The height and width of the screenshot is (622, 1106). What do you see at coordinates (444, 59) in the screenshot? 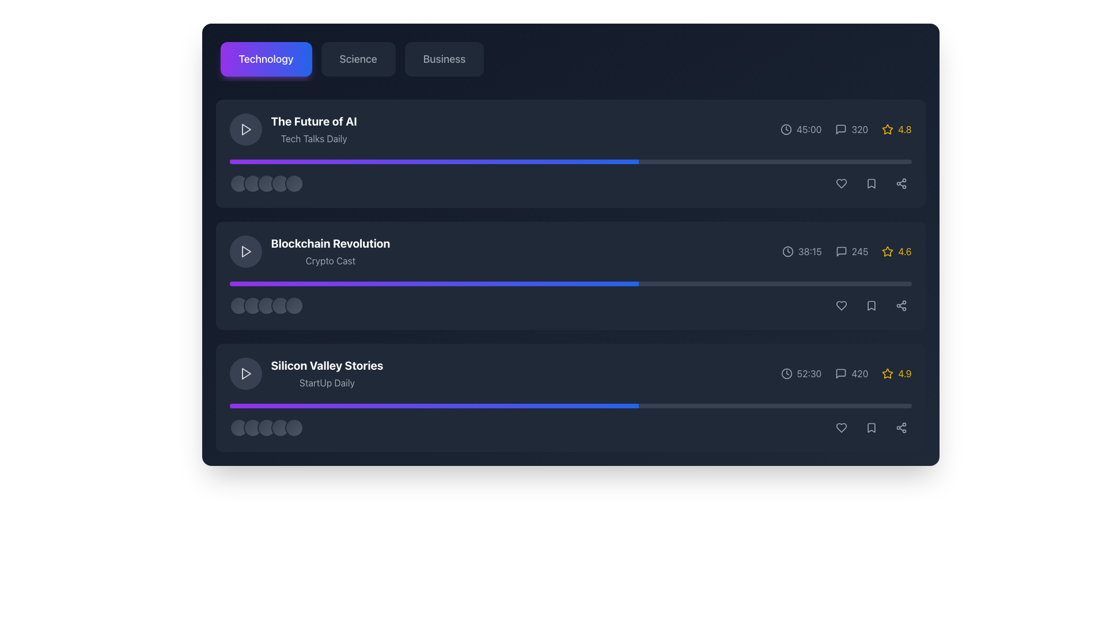
I see `the 'Business' category label in the navigation bar` at bounding box center [444, 59].